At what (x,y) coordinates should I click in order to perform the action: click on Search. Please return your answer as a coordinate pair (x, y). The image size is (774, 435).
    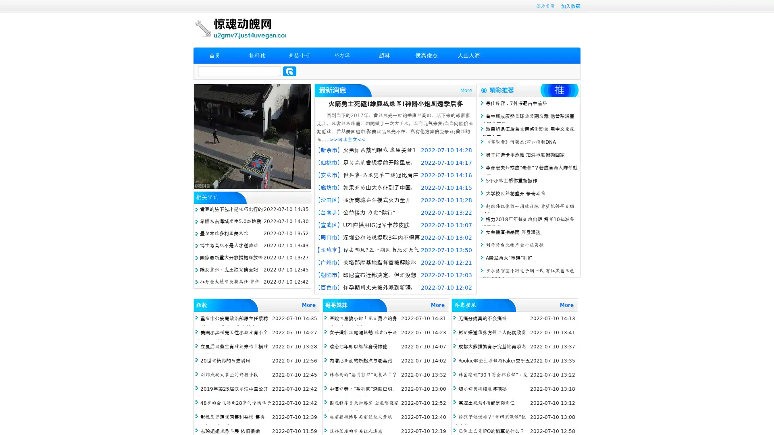
    Looking at the image, I should click on (289, 71).